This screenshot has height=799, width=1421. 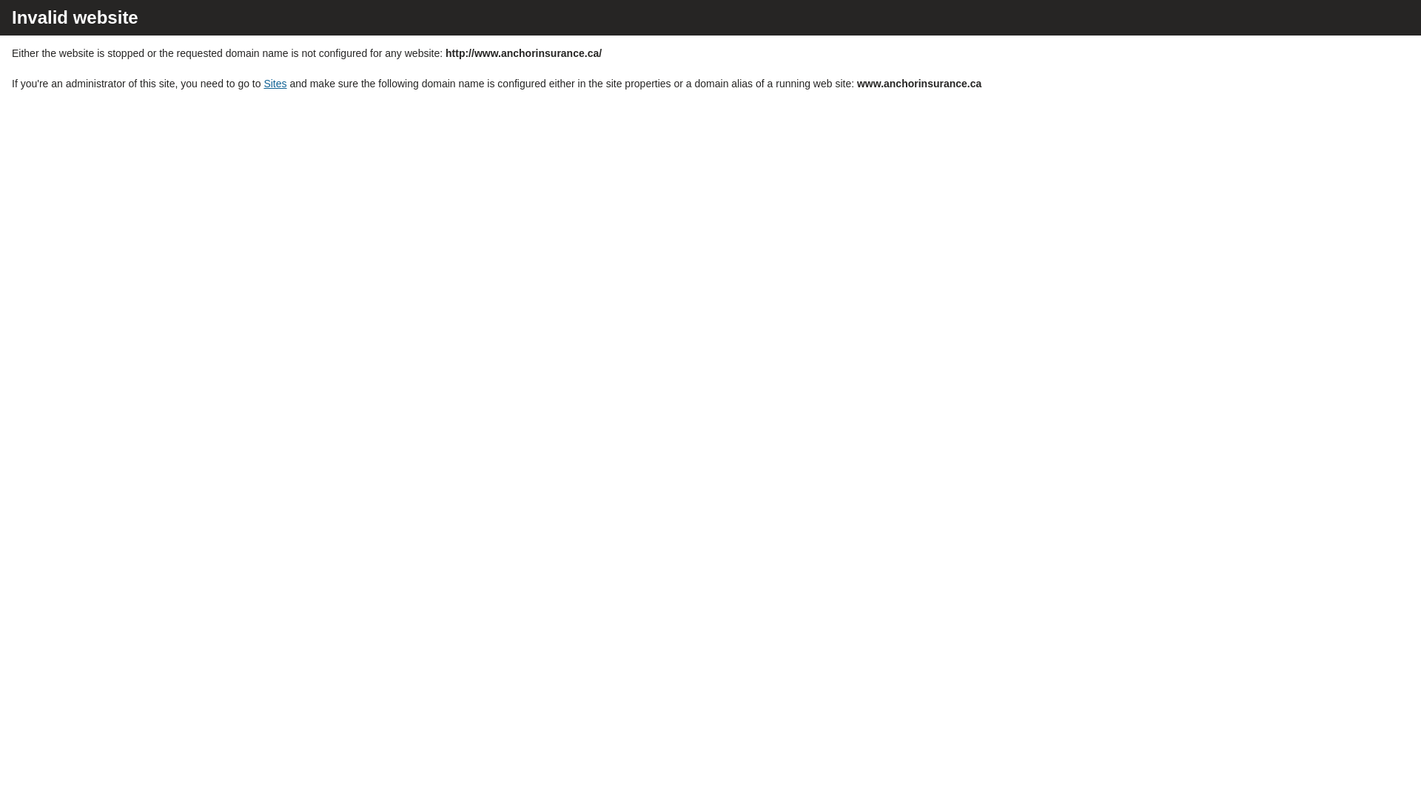 I want to click on 'Sites', so click(x=275, y=83).